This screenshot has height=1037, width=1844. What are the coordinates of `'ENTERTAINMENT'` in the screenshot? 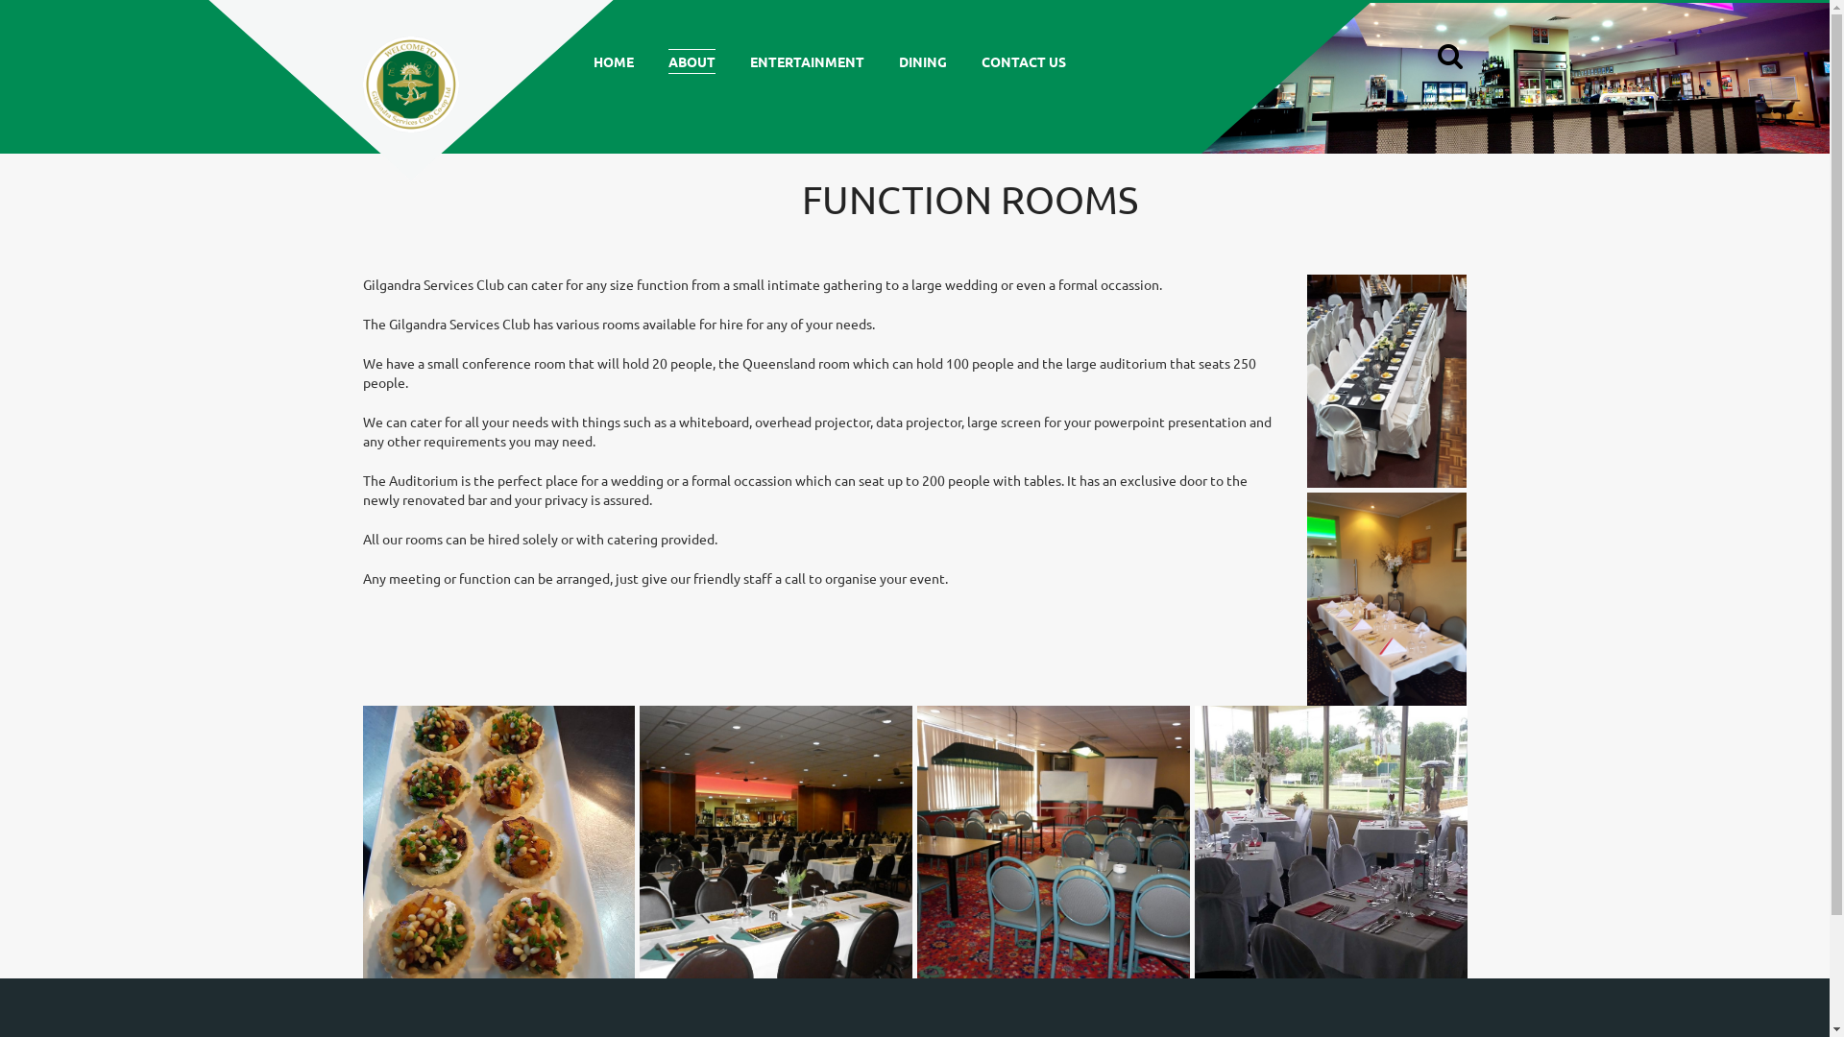 It's located at (806, 60).